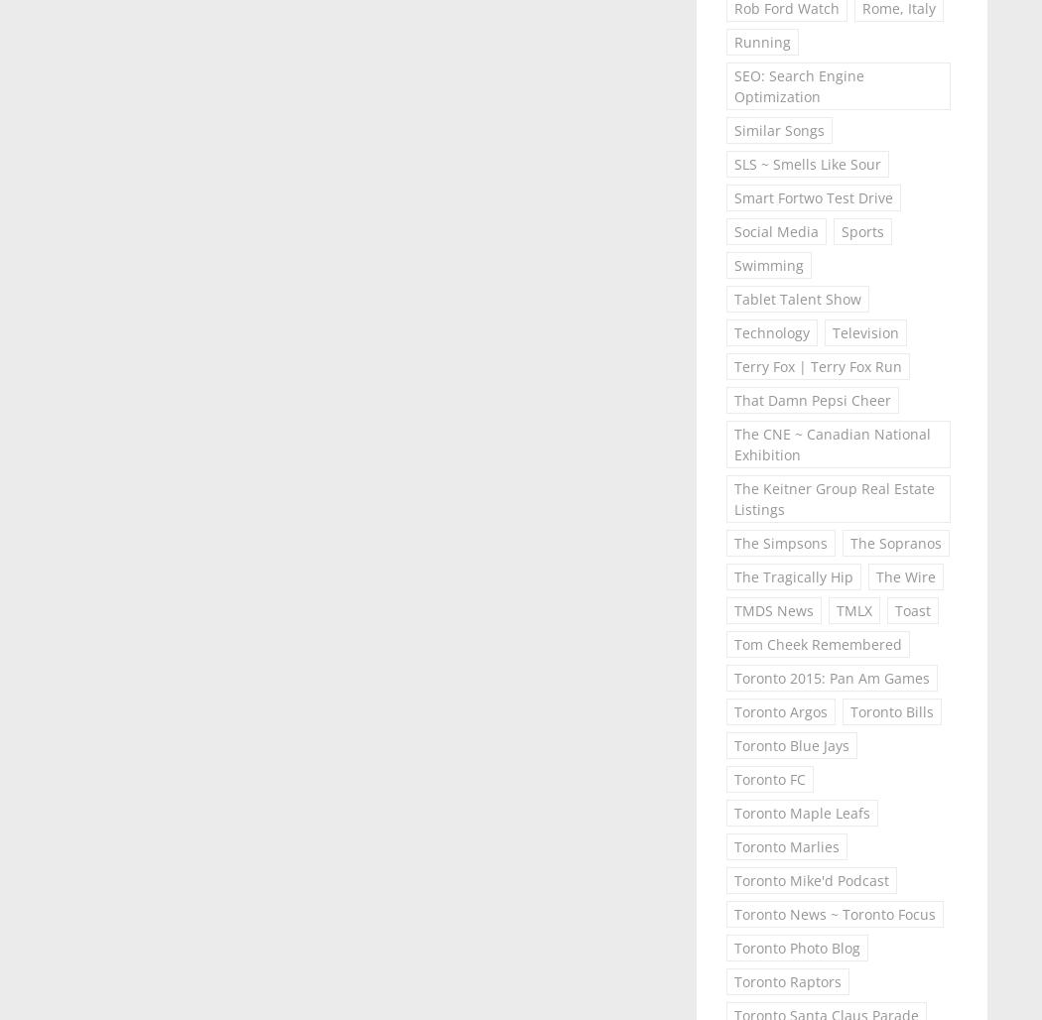 The image size is (1042, 1020). What do you see at coordinates (911, 609) in the screenshot?
I see `'Toast'` at bounding box center [911, 609].